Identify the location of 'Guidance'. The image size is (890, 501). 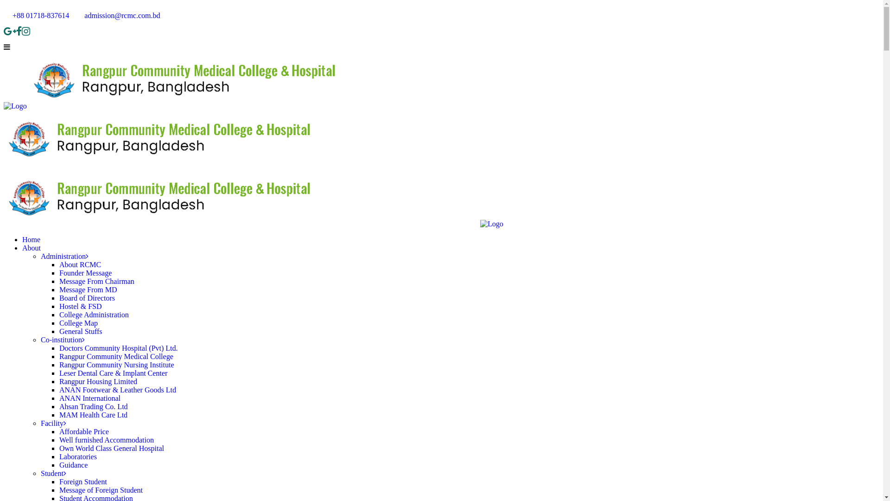
(73, 465).